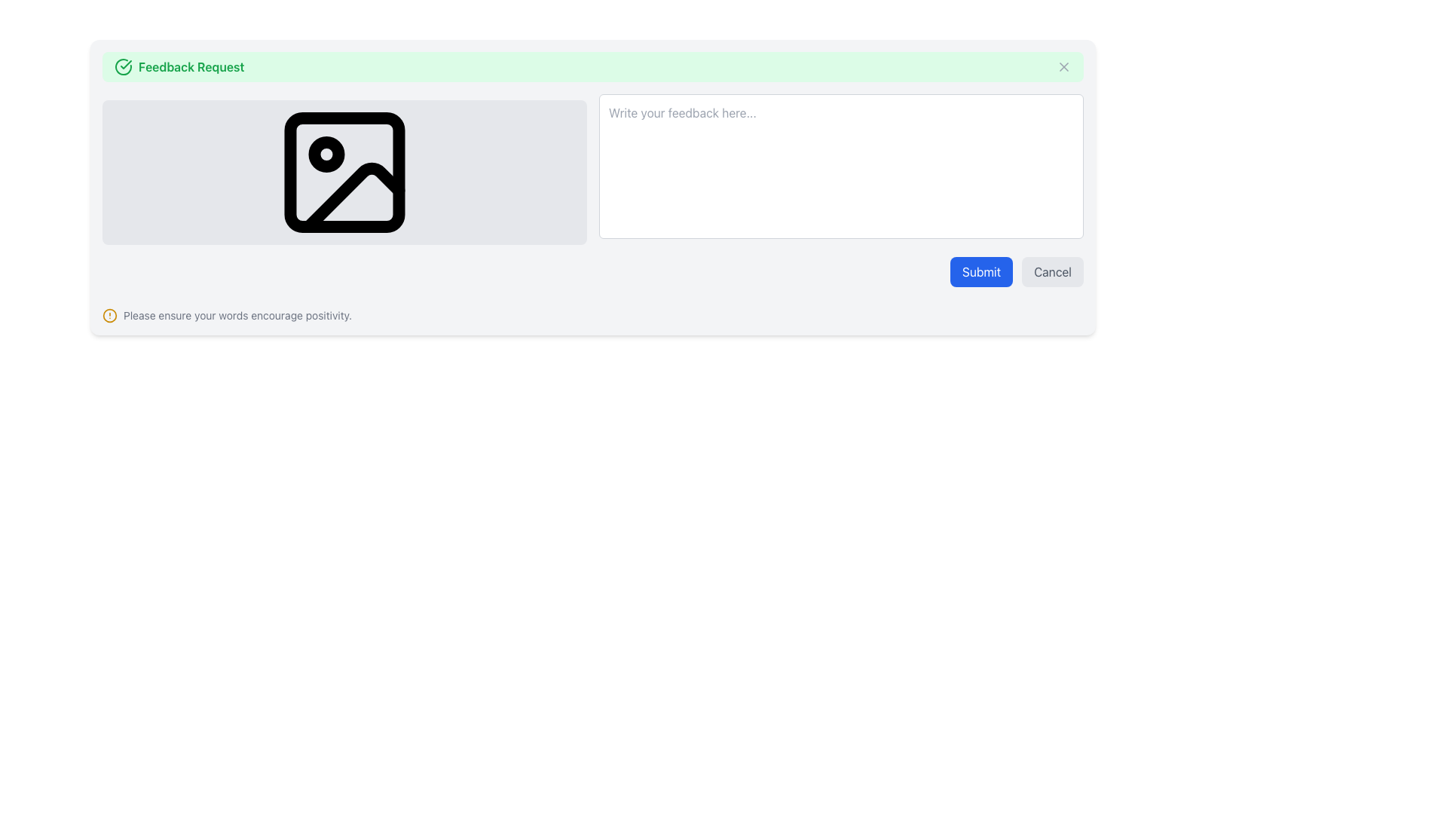  Describe the element at coordinates (344, 171) in the screenshot. I see `the SVG icon resembling a rectangular image placeholder with rounded corners, located near the top-center of the interface` at that location.